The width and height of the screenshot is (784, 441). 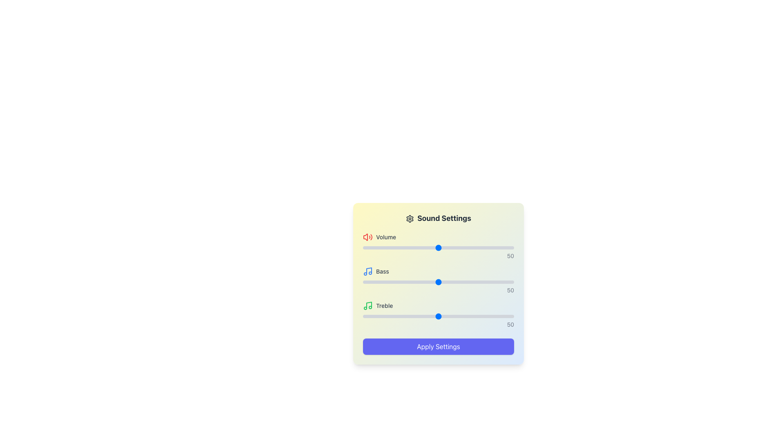 What do you see at coordinates (368, 271) in the screenshot?
I see `vertical line of the musical note icon representing the 'Bass' setting for detailed attributes in the developer tools` at bounding box center [368, 271].